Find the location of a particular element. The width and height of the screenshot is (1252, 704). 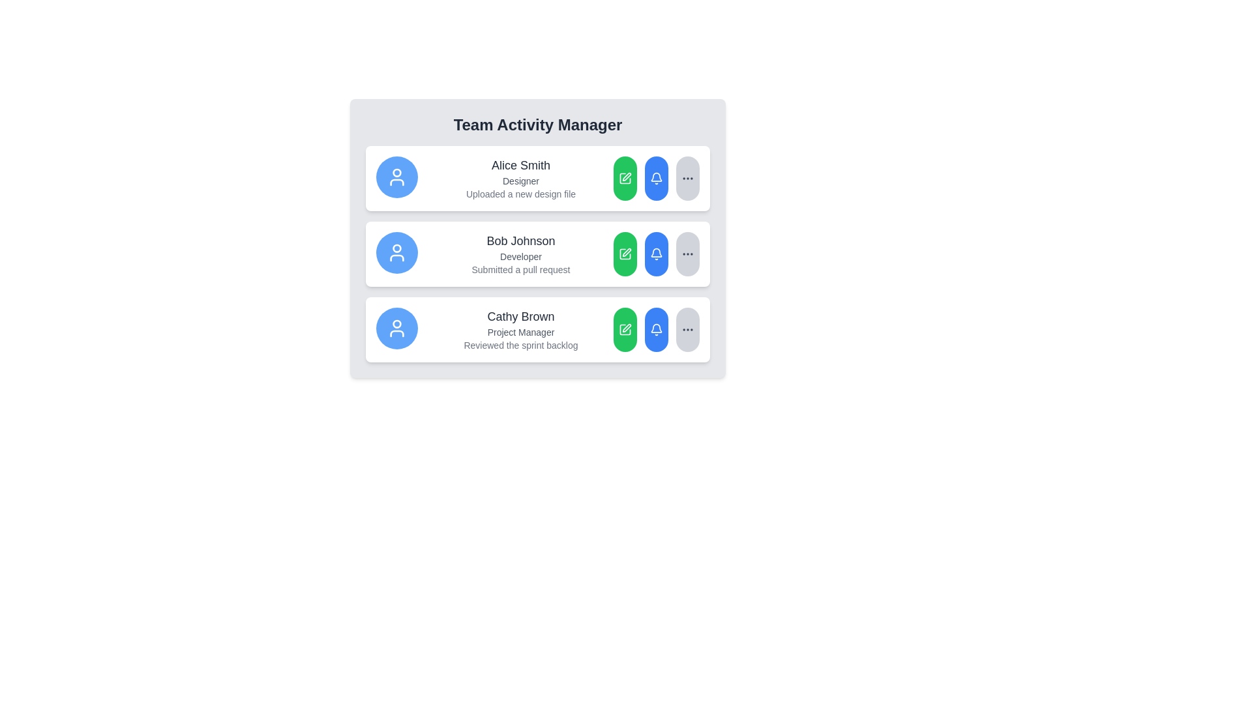

the 'edit' icon button located to the left of the blue notification button for the third user entry in the vertical list, enabling keyboard navigation interoperability is located at coordinates (625, 329).